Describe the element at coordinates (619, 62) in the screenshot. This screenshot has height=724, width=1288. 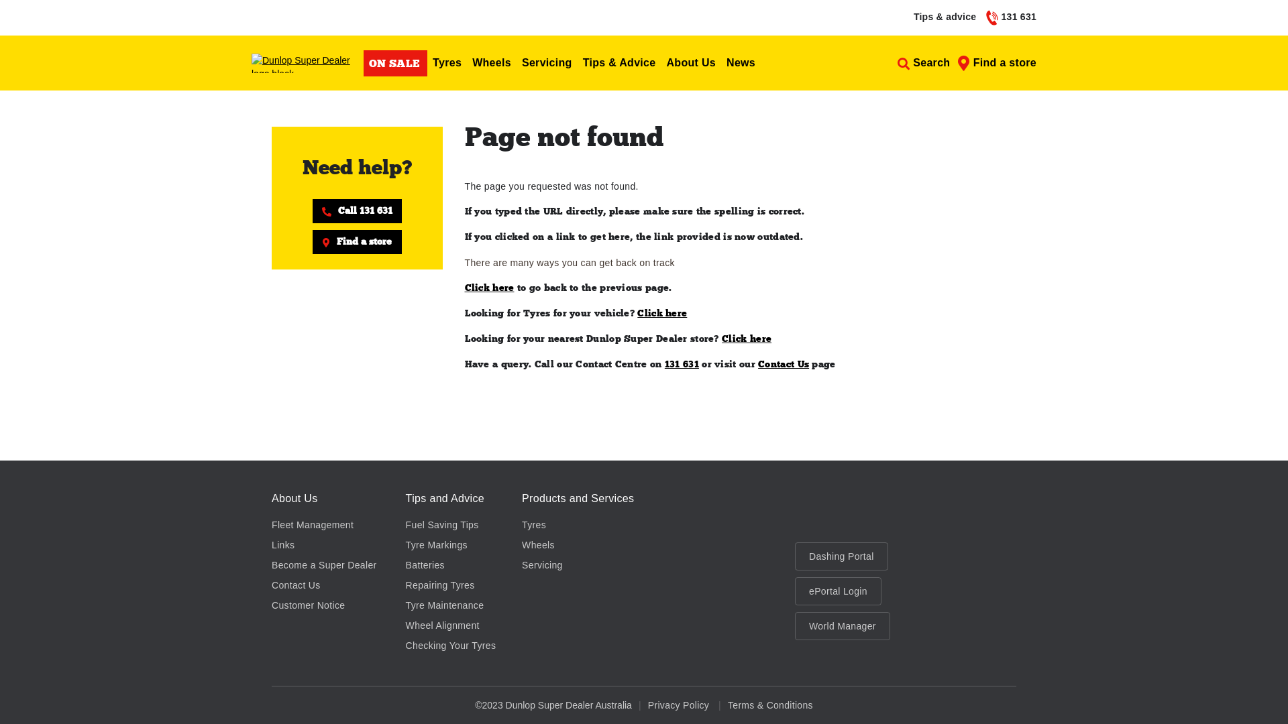
I see `'Tips & Advice'` at that location.